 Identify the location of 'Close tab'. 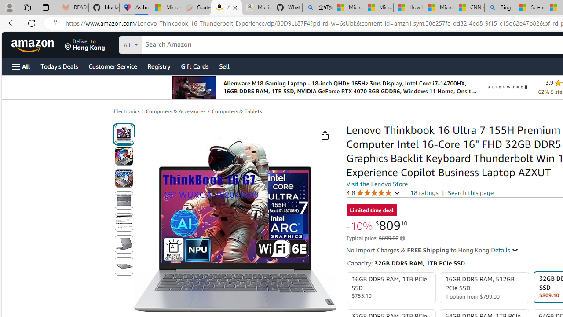
(235, 7).